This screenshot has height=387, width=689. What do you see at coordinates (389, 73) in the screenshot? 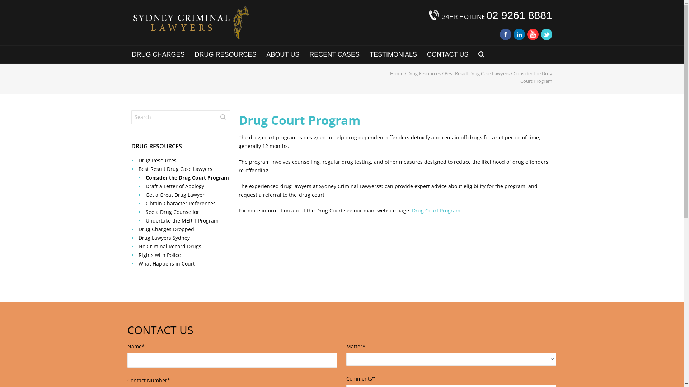
I see `'Home'` at bounding box center [389, 73].